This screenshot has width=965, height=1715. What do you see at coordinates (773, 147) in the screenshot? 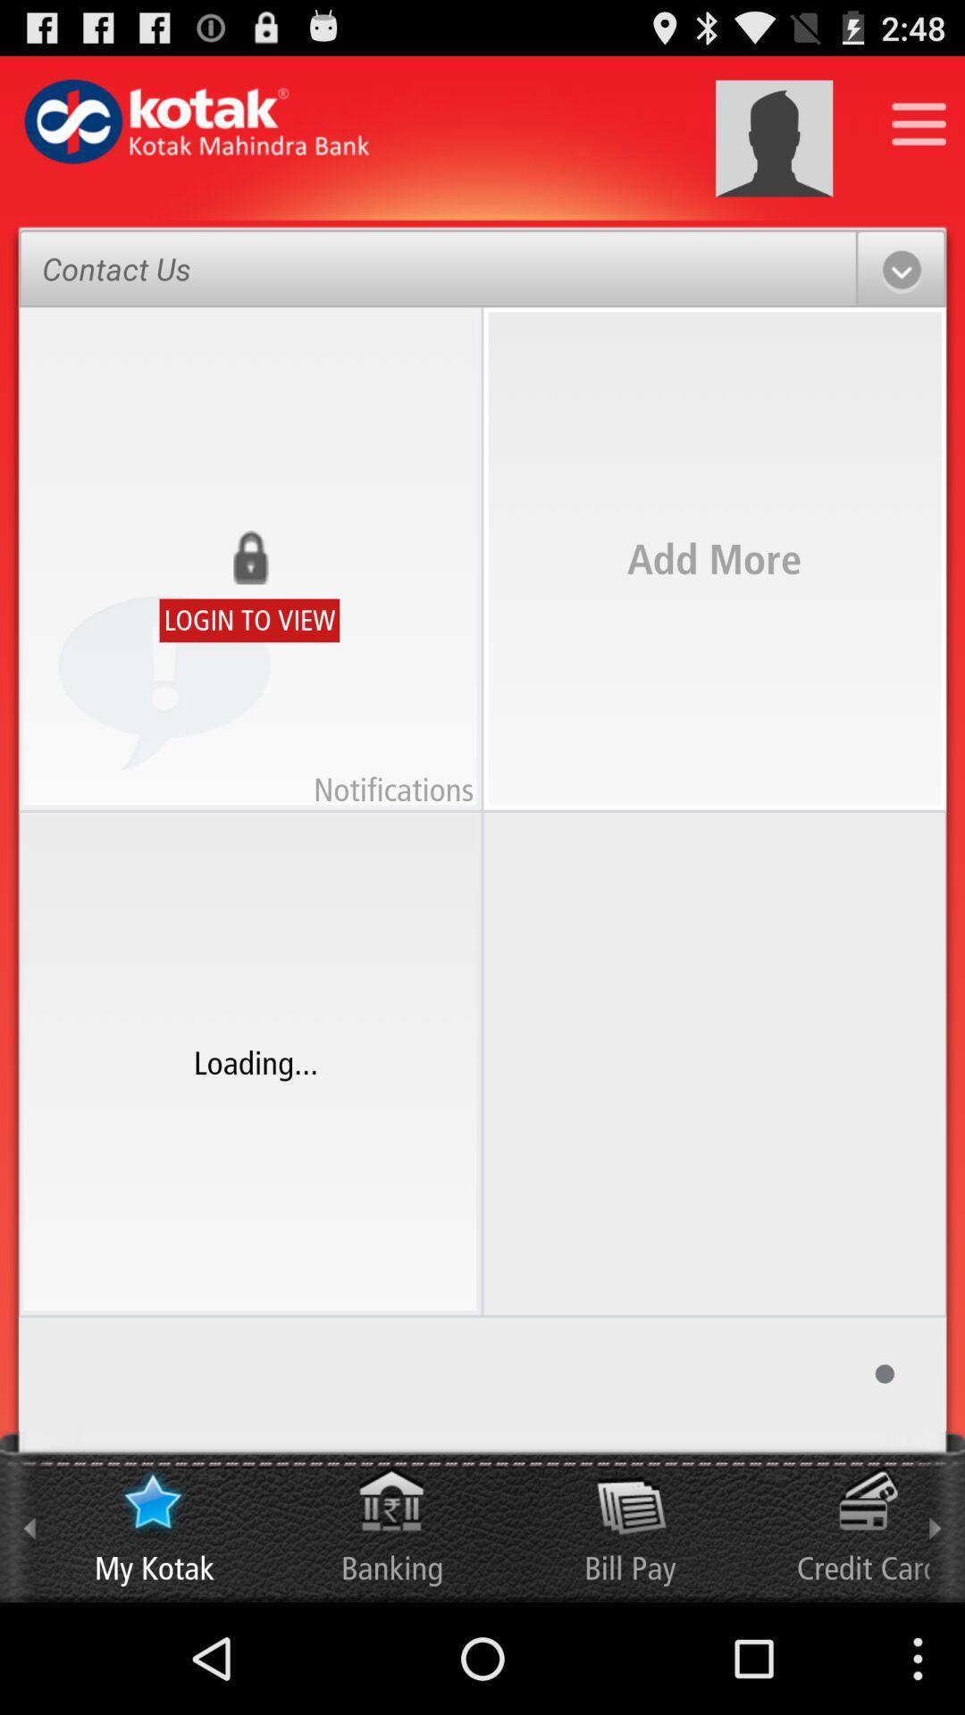
I see `the avatar icon` at bounding box center [773, 147].